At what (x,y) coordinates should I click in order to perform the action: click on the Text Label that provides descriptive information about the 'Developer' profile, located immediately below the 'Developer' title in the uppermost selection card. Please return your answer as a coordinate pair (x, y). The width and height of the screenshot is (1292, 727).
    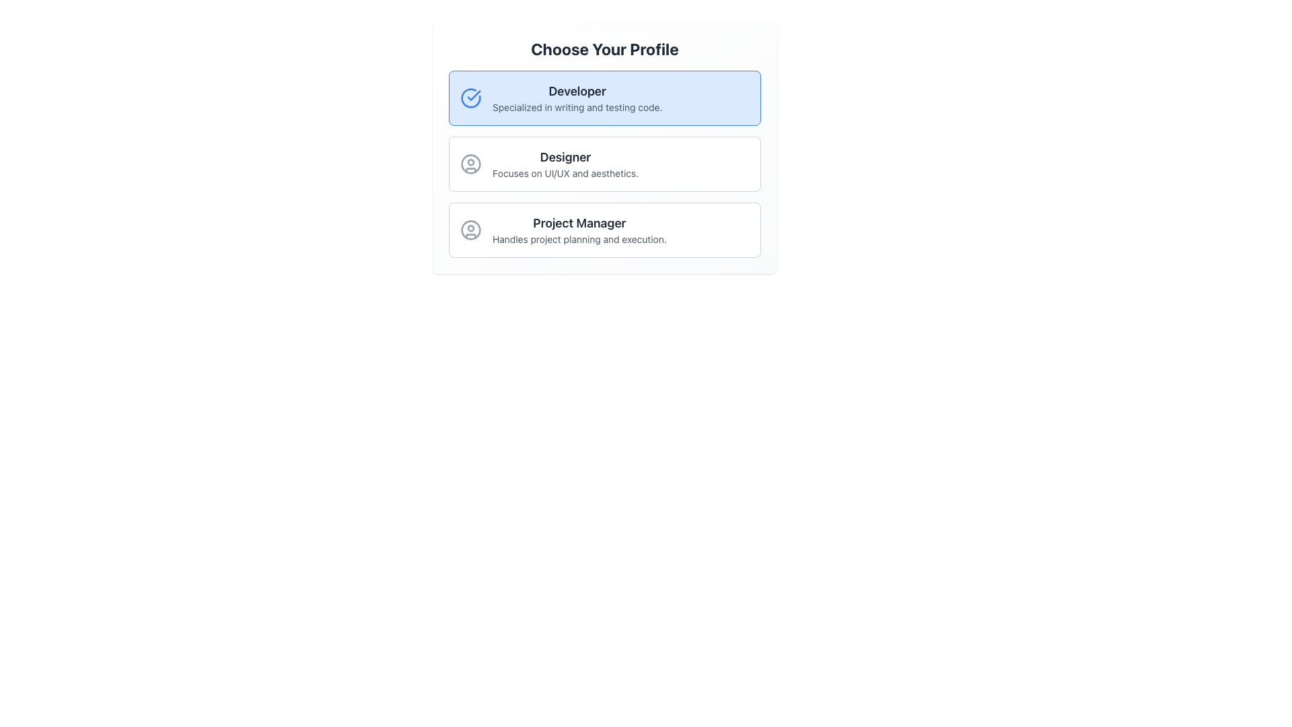
    Looking at the image, I should click on (577, 106).